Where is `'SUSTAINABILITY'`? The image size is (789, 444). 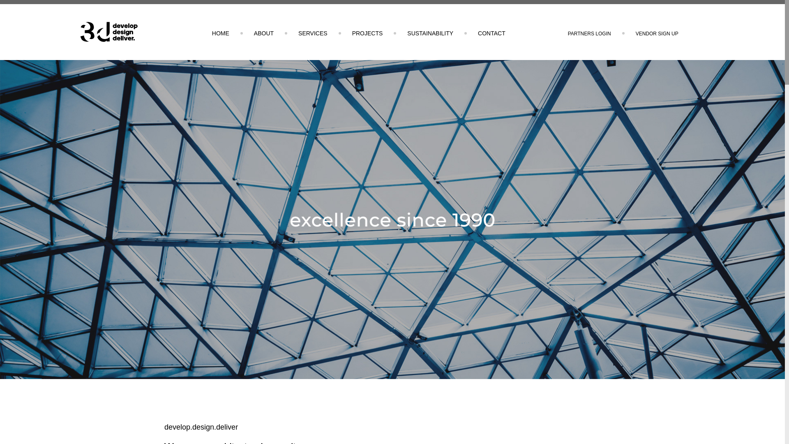
'SUSTAINABILITY' is located at coordinates (429, 33).